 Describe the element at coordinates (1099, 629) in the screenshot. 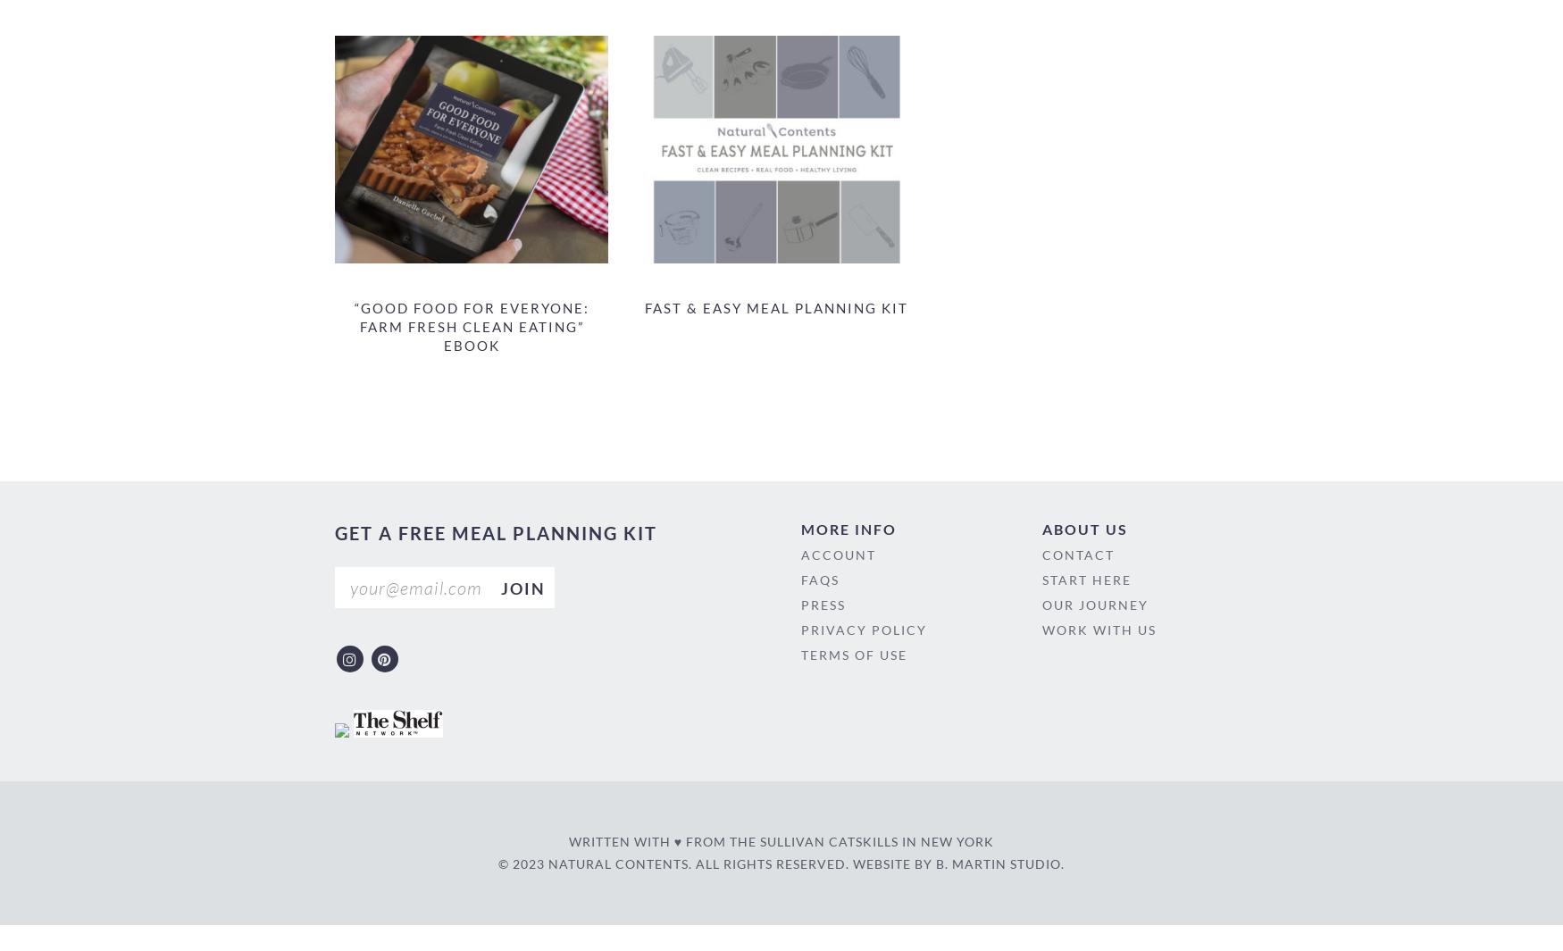

I see `'Work with Us'` at that location.